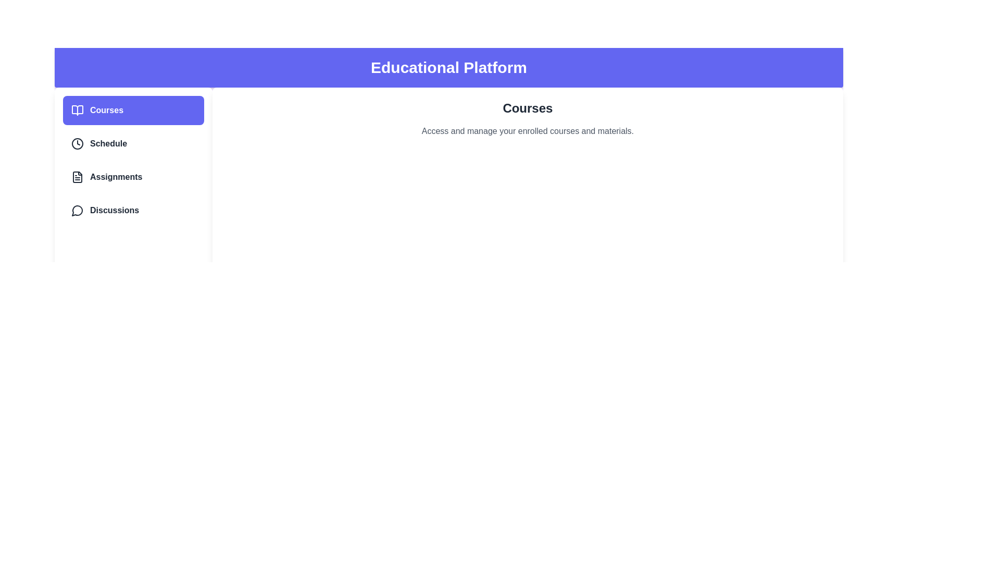 This screenshot has width=1000, height=563. I want to click on the tab labeled Discussions in the sidebar, so click(132, 211).